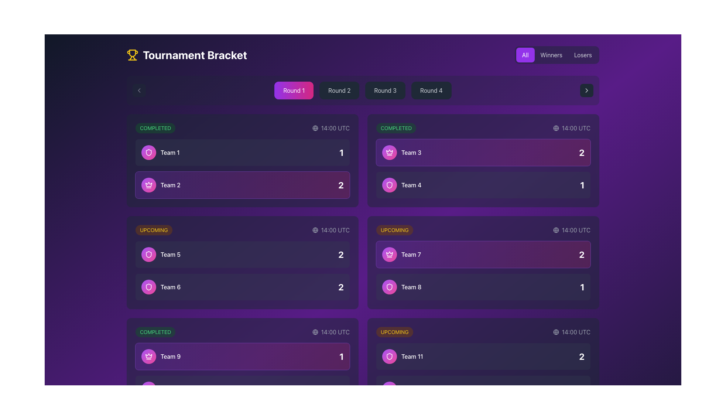  Describe the element at coordinates (581, 152) in the screenshot. I see `the text label displaying the number '2' in bold white font, located at the top-right corner of the rounded rectangular card in the tournament bracket grid` at that location.